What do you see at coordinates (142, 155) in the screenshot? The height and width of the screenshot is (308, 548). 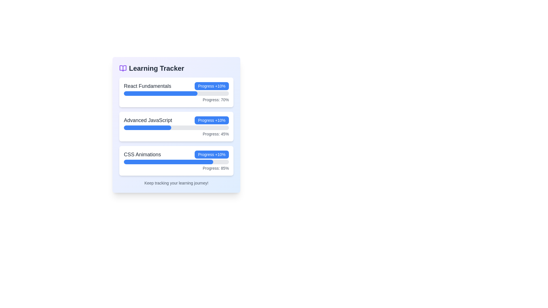 I see `the text label for 'CSS Animations' located in the third row of the 'Learning Tracker' section, which serves as a heading for the corresponding progress information` at bounding box center [142, 155].